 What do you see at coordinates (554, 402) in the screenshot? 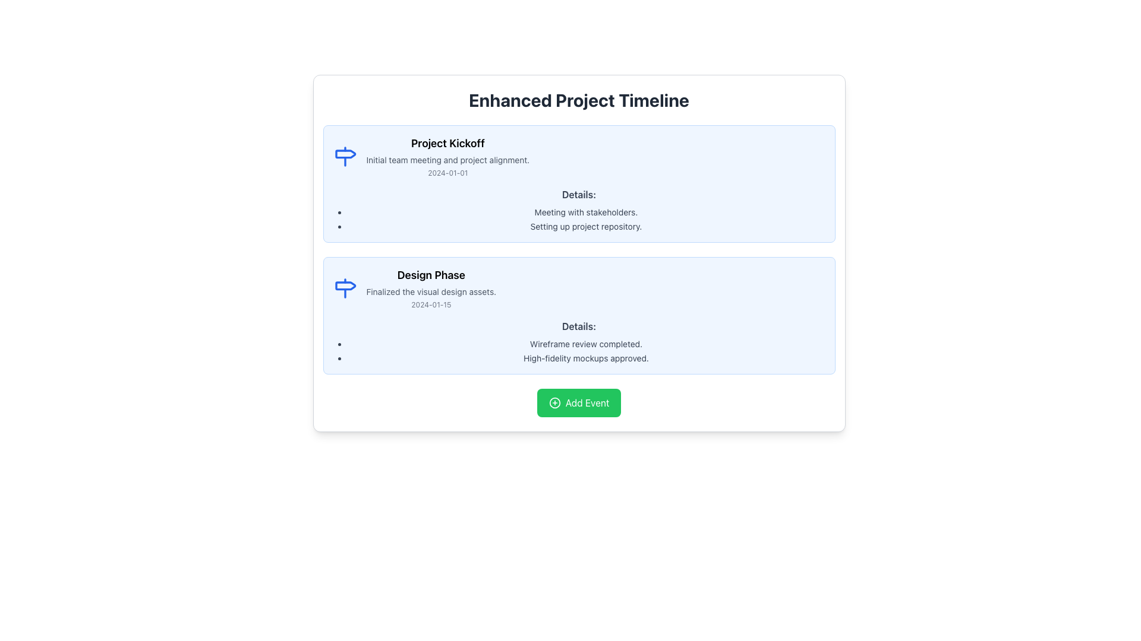
I see `the 'Add Event' icon located centrally within the button for accessibility purposes` at bounding box center [554, 402].